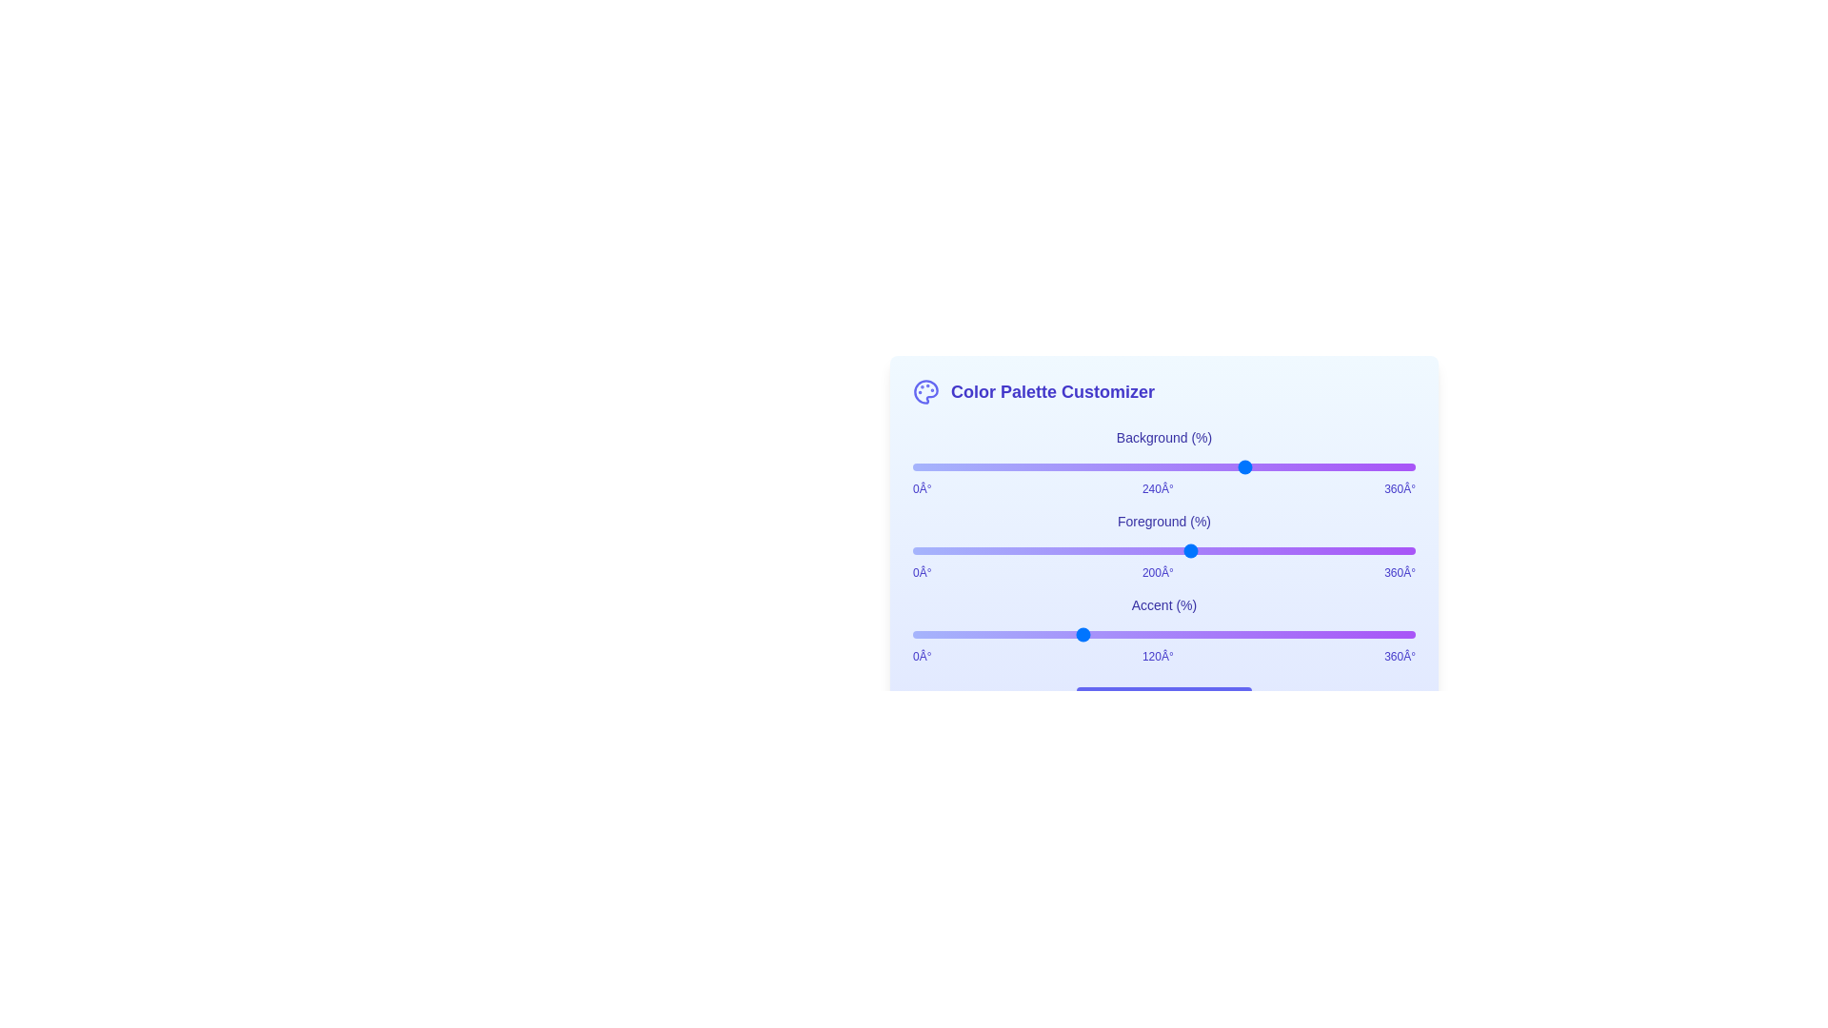  I want to click on the background color slider to set the hue to 47 degrees, so click(978, 466).